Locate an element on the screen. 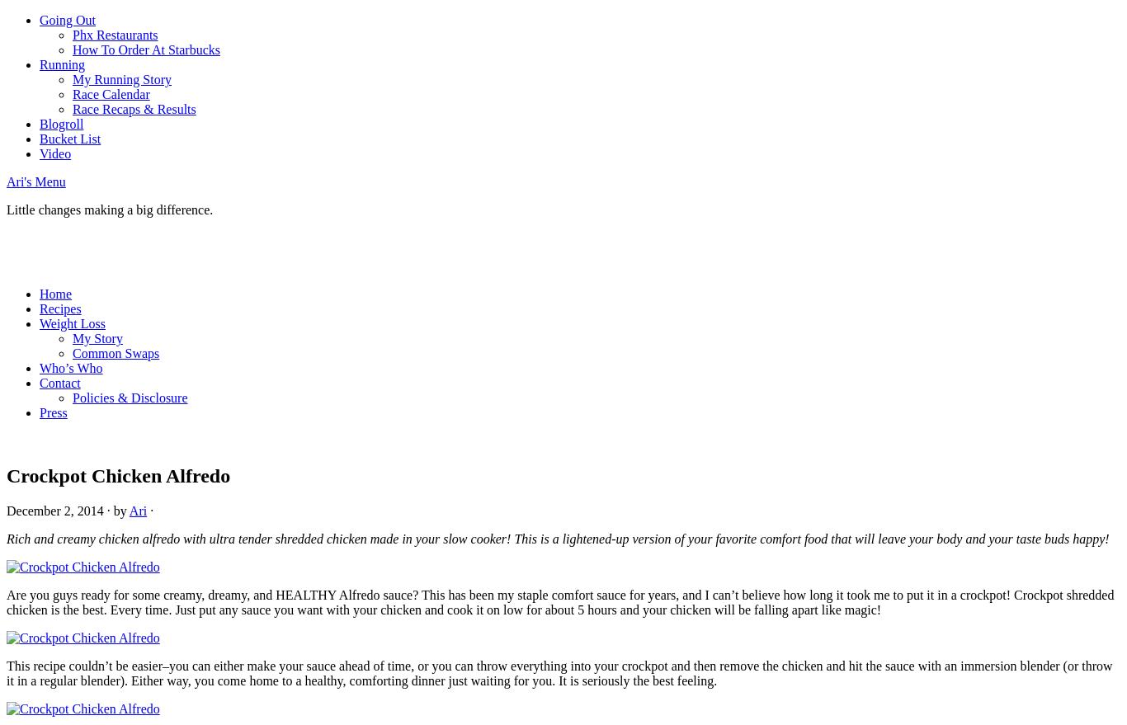 This screenshot has width=1127, height=725. 'Are you guys ready for some creamy, dreamy, and HEALTHY Alfredo sauce? This has been my staple comfort sauce for years, and I can’t believe how long it took me to put it in a crockpot! Crockpot shredded chicken is the best. Every time. Just put any sauce you want with your chicken and cook it on low for about 5 hours and your chicken will be falling apart like magic!' is located at coordinates (559, 600).